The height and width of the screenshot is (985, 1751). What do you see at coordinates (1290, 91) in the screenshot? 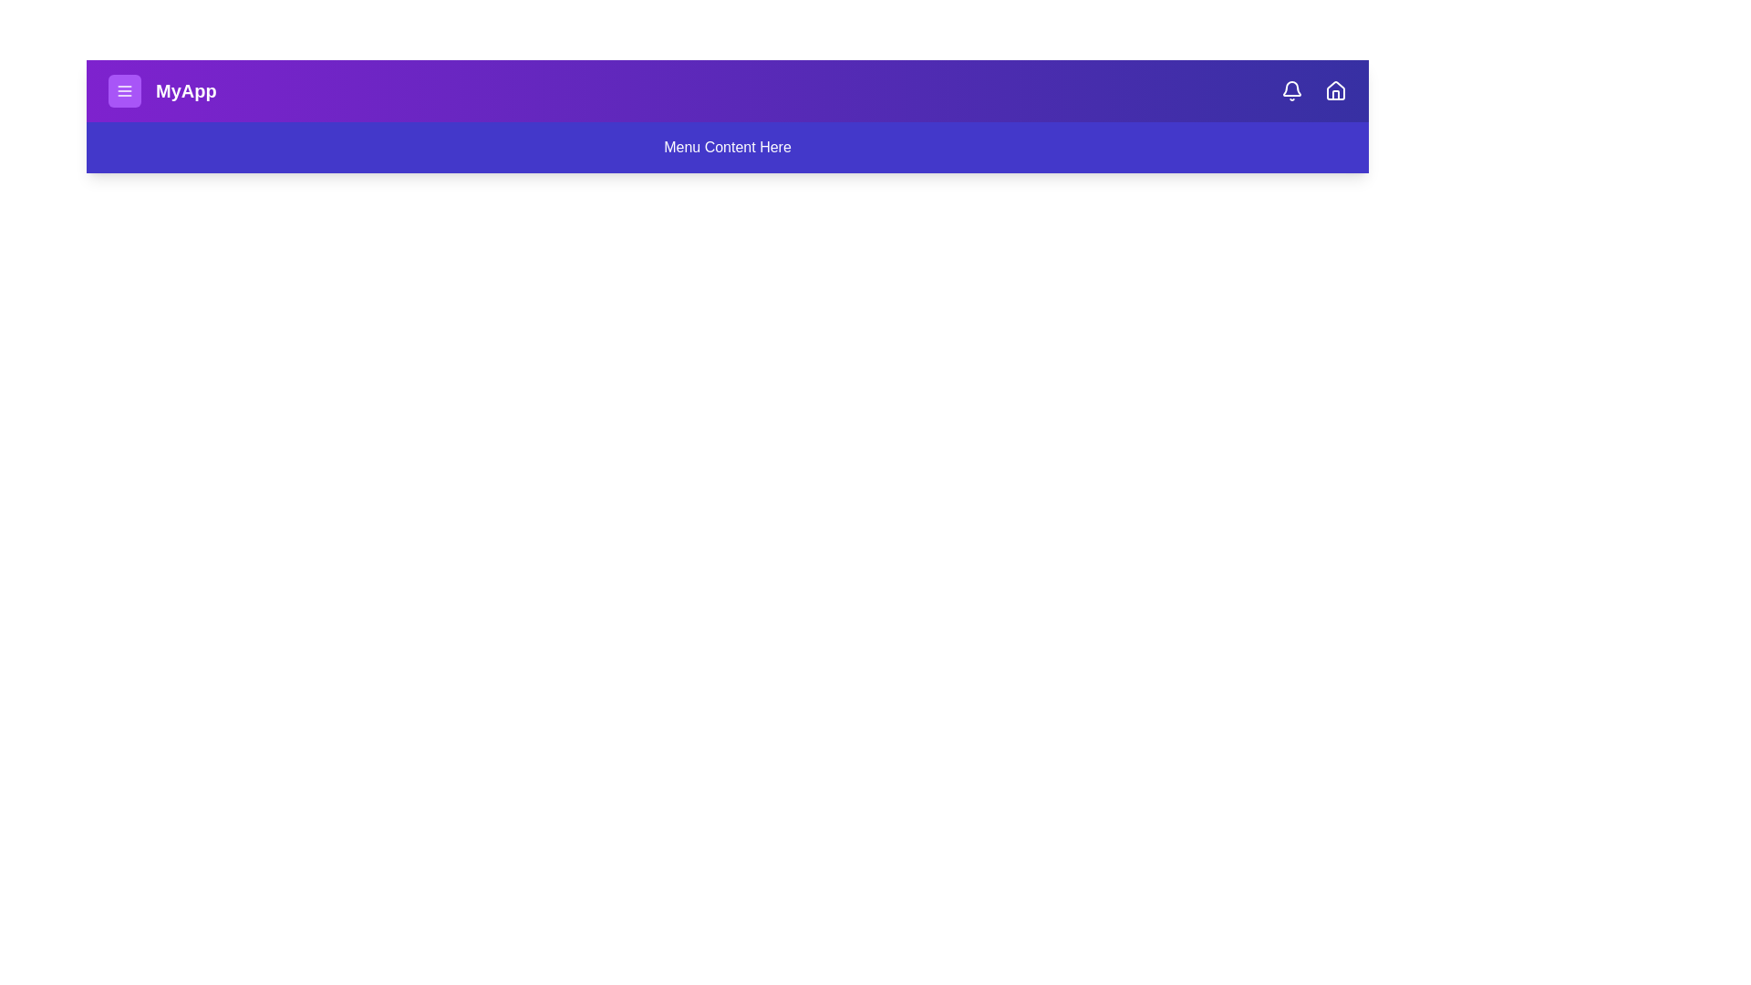
I see `the notification icon to view notifications` at bounding box center [1290, 91].